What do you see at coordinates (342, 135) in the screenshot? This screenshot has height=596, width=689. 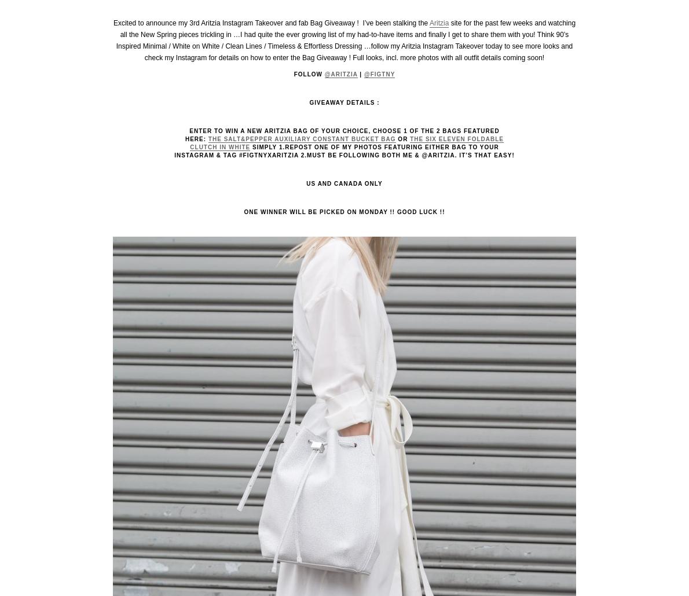 I see `'Enter to win a New Aritzia Bag of your choice, choose 1 of the 2 bags featured here:'` at bounding box center [342, 135].